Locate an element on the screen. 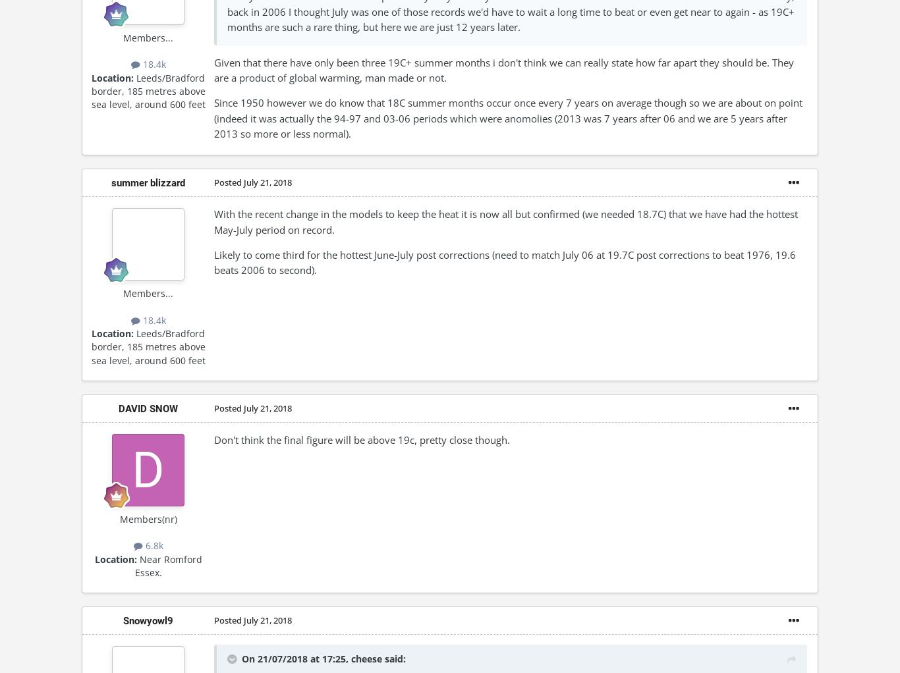 Image resolution: width=900 pixels, height=673 pixels. 'On 21/07/2018 at 17:25,' is located at coordinates (241, 659).